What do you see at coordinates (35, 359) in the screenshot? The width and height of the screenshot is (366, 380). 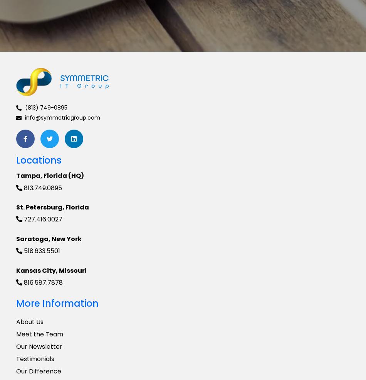 I see `'Testimonials'` at bounding box center [35, 359].